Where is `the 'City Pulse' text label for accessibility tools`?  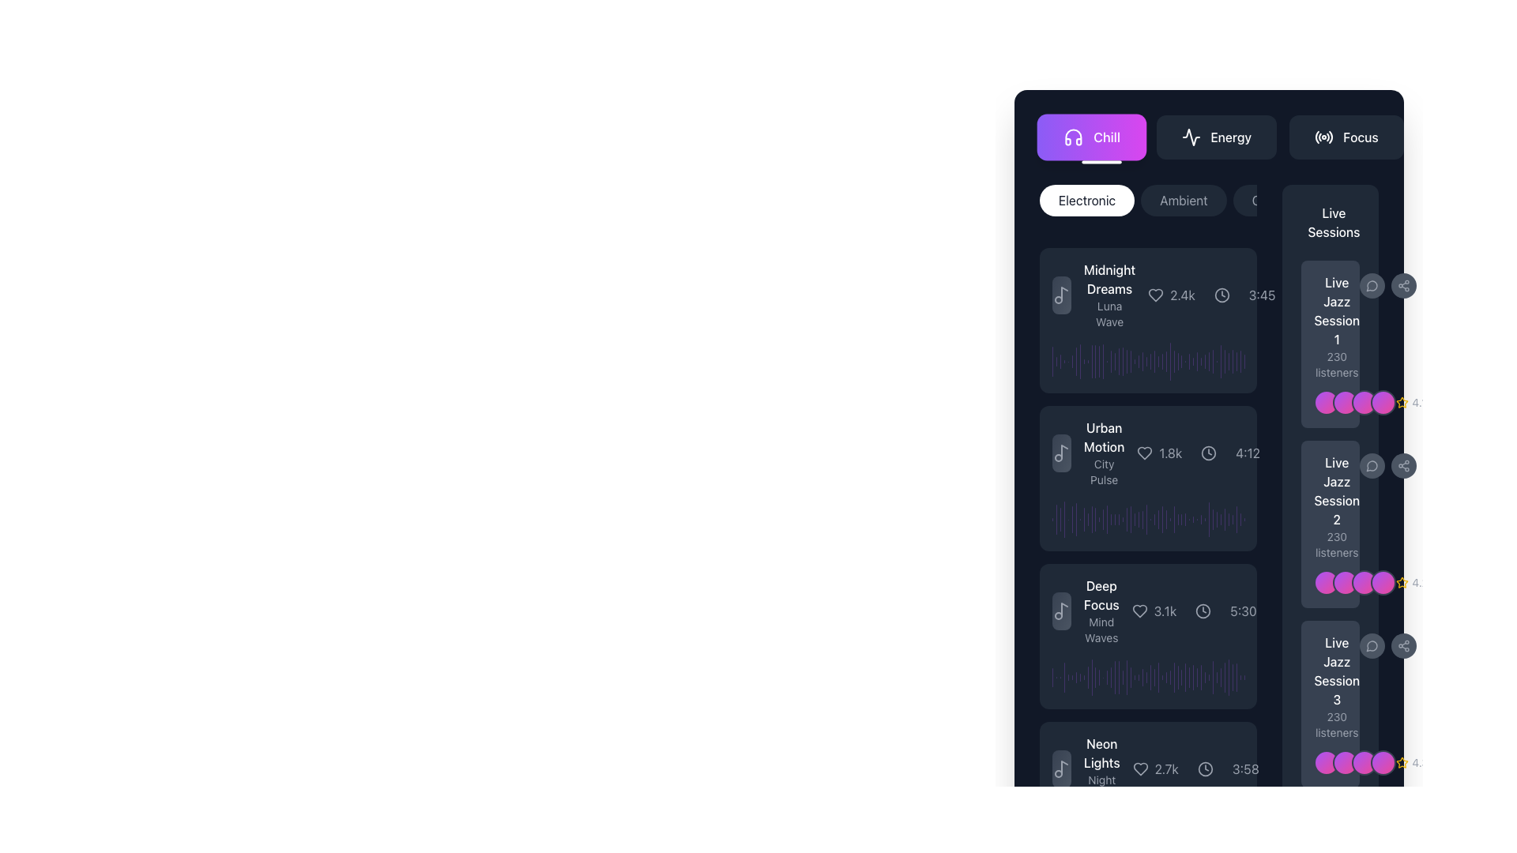 the 'City Pulse' text label for accessibility tools is located at coordinates (1103, 471).